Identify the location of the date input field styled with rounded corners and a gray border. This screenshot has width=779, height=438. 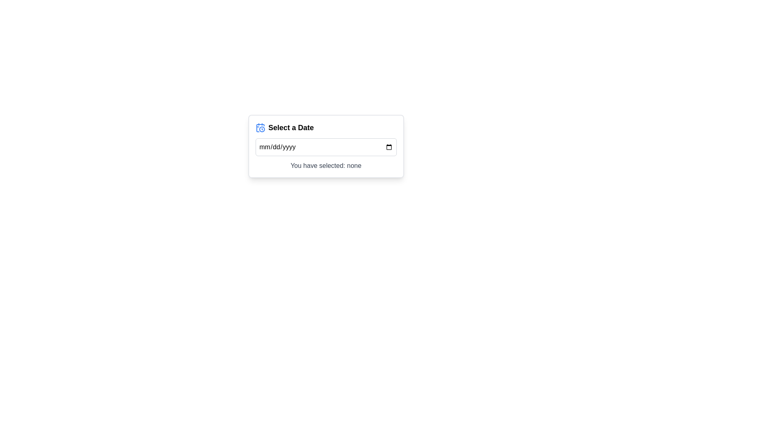
(326, 147).